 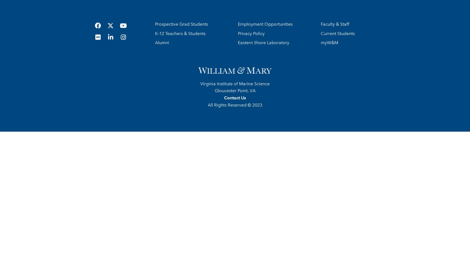 I want to click on 'K-12 Teachers & Students', so click(x=154, y=33).